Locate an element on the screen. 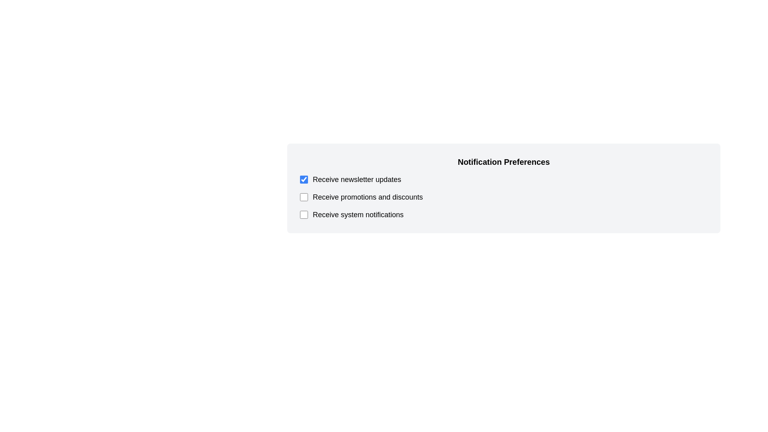  the title 'Notification Preferences' to highlight it is located at coordinates (503, 162).